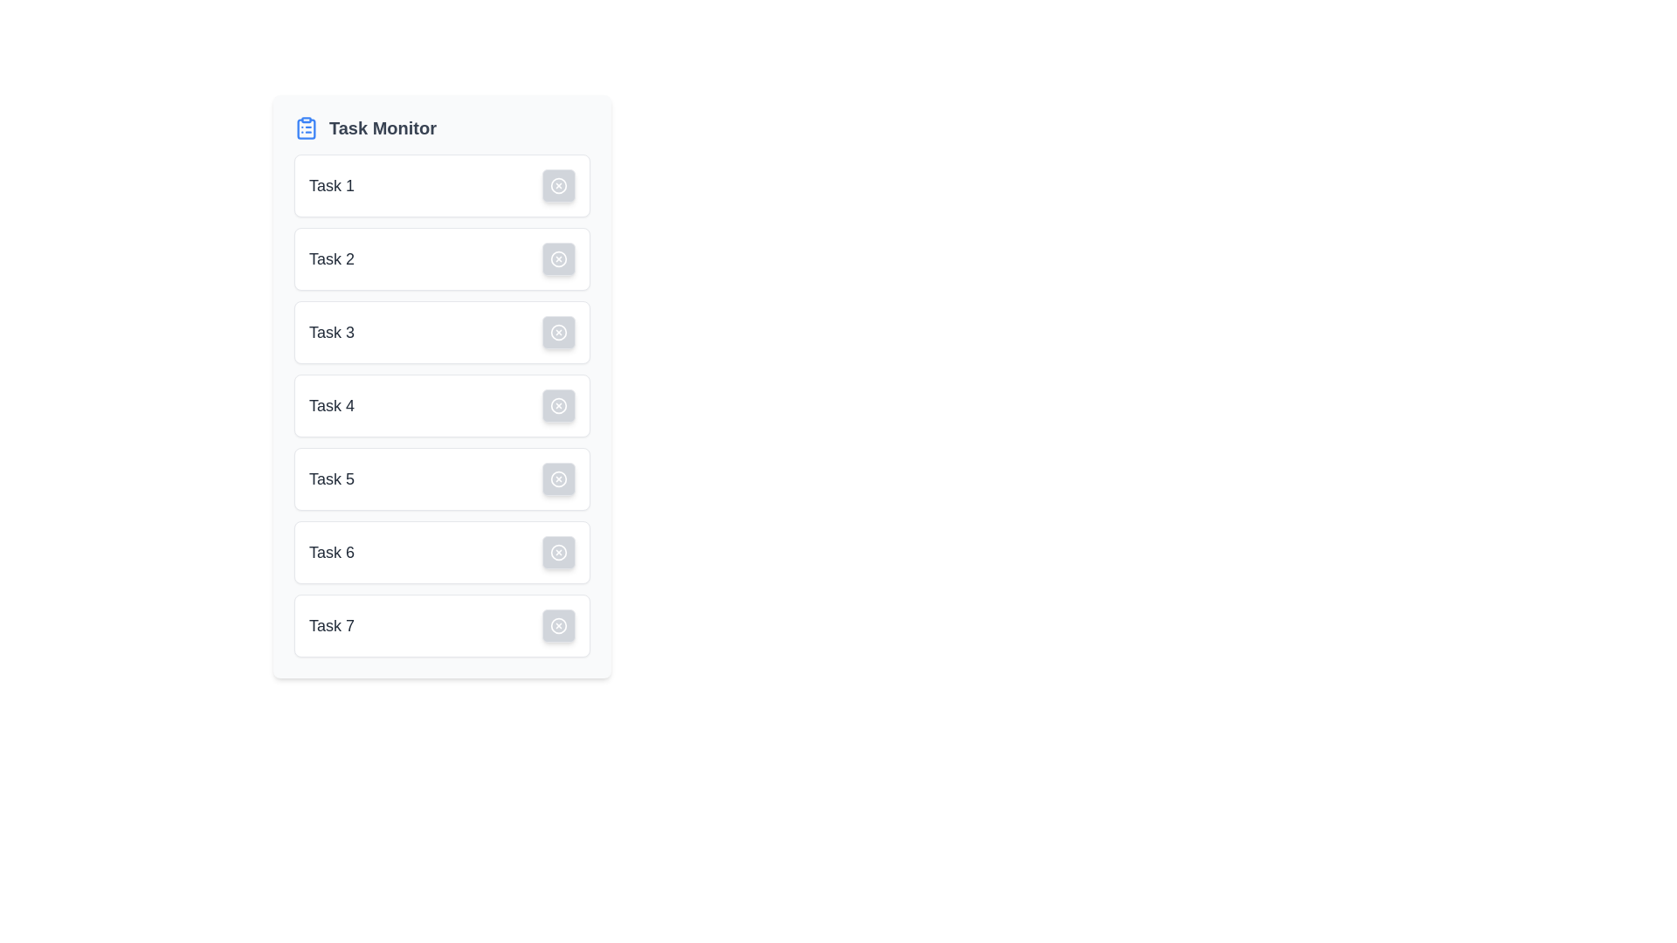  What do you see at coordinates (557, 185) in the screenshot?
I see `the circular vector graphic outline located in the top-right corner of the first list item labeled 'Task 1'` at bounding box center [557, 185].